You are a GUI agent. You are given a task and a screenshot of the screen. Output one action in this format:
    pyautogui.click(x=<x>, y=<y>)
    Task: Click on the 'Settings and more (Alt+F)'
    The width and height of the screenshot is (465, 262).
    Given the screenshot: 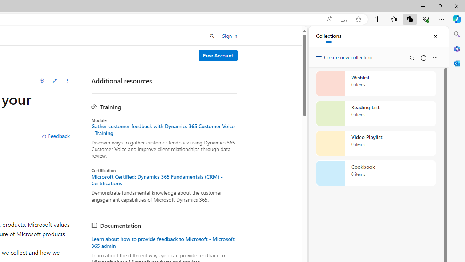 What is the action you would take?
    pyautogui.click(x=441, y=19)
    